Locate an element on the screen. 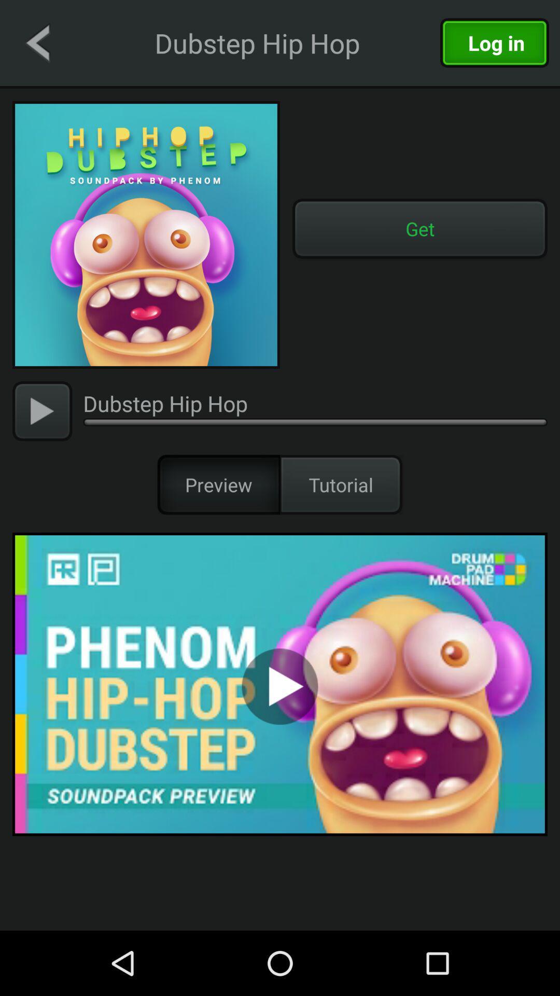 Image resolution: width=560 pixels, height=996 pixels. the tutorial item is located at coordinates (341, 484).